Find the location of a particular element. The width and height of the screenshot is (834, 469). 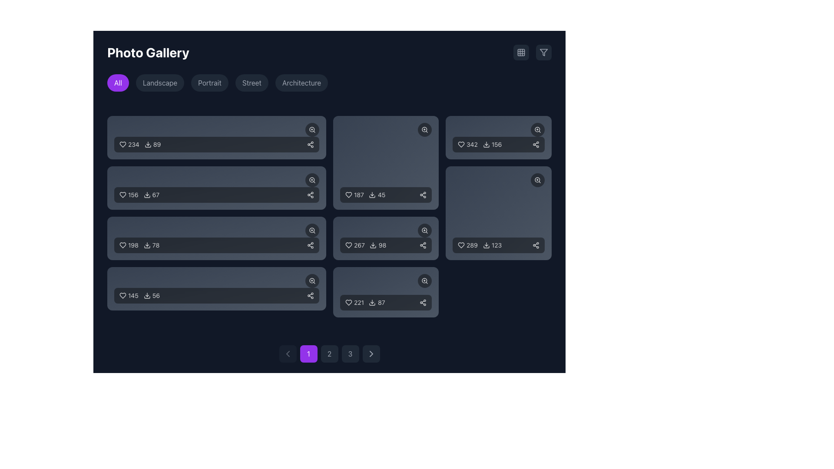

the Statistical display showing the number '234' next to a heart icon, located is located at coordinates (129, 144).